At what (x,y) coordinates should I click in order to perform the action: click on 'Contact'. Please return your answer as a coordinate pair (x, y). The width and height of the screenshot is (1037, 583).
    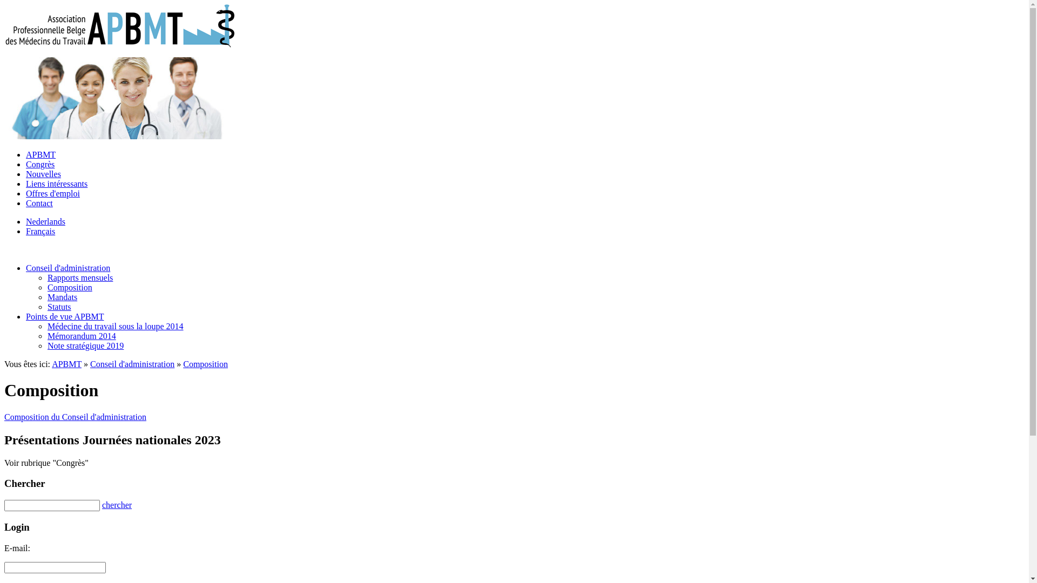
    Looking at the image, I should click on (26, 203).